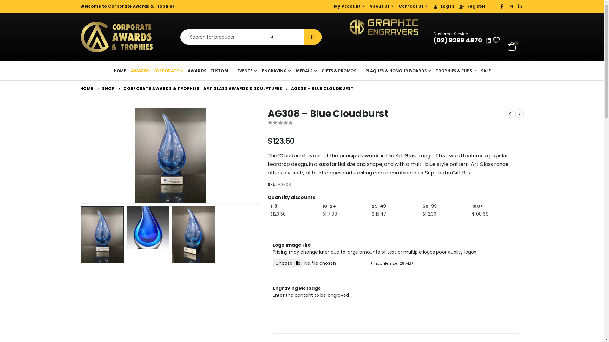 Image resolution: width=609 pixels, height=342 pixels. What do you see at coordinates (433, 40) in the screenshot?
I see `'(02) 9299 4870'` at bounding box center [433, 40].